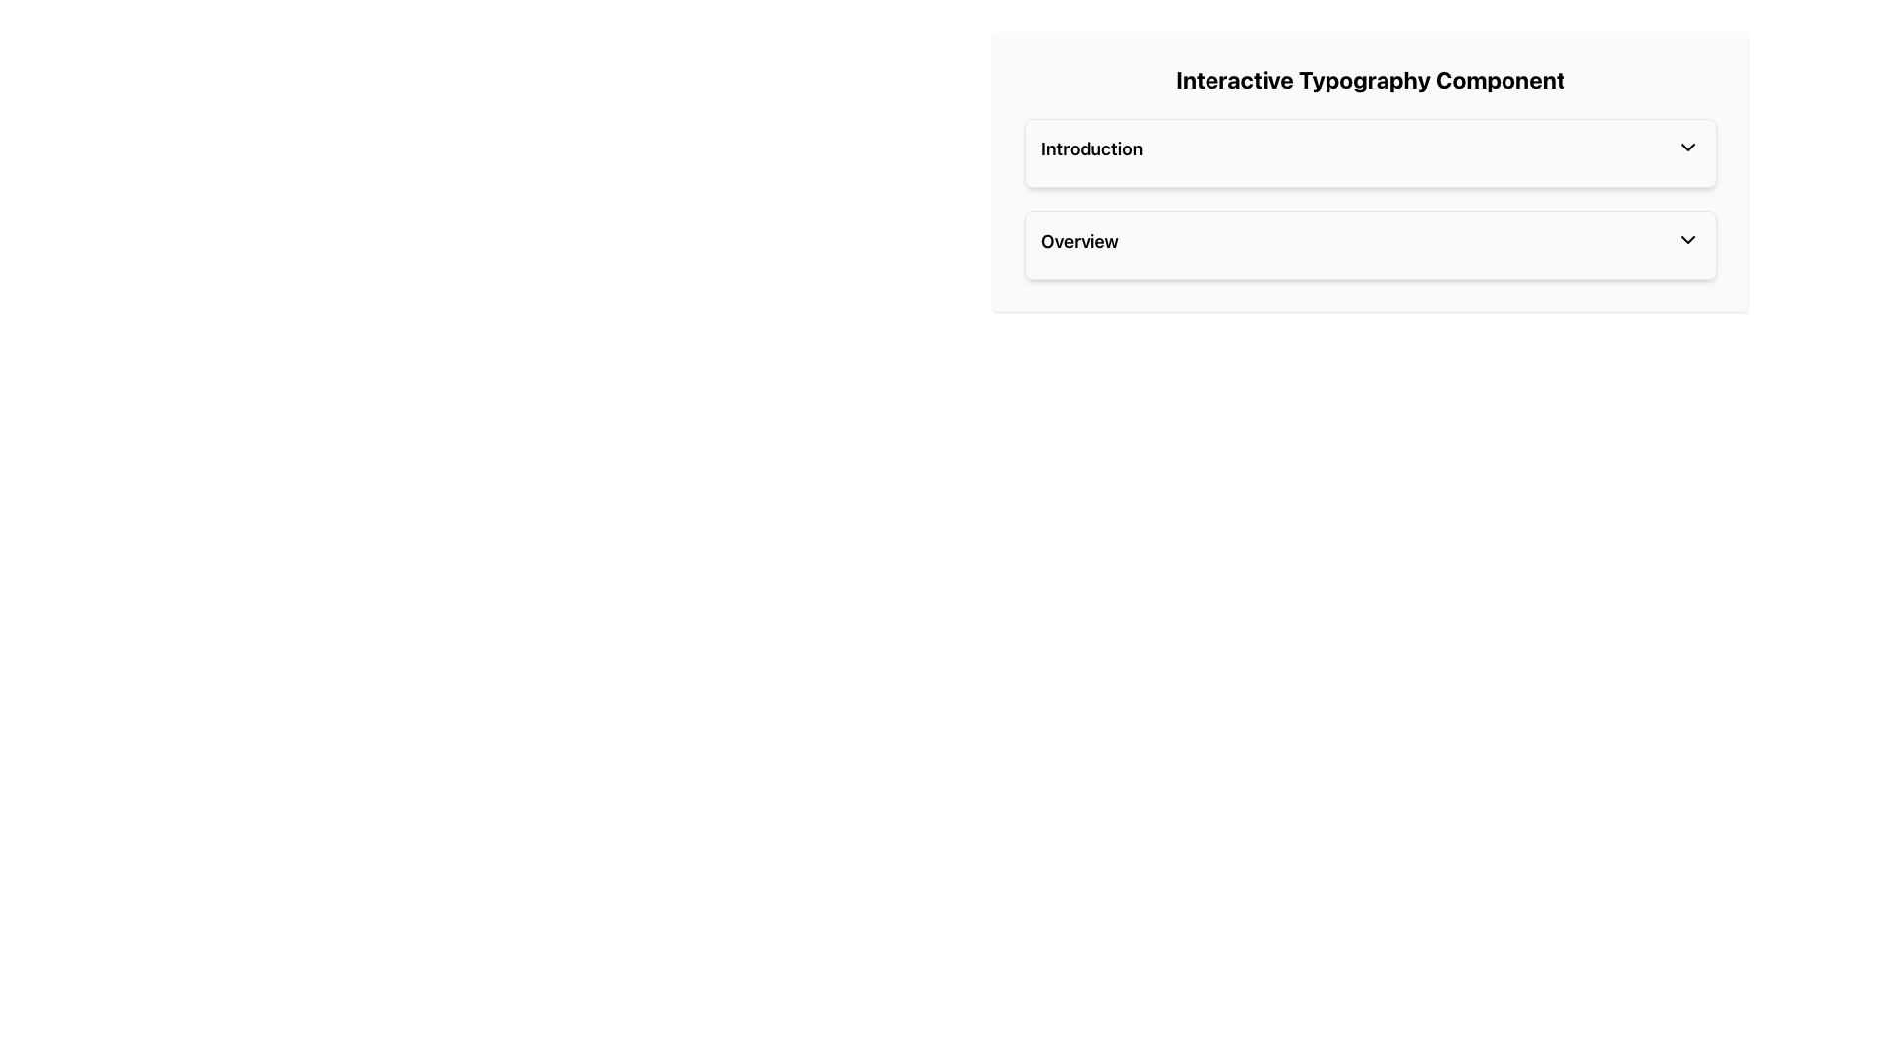 Image resolution: width=1888 pixels, height=1062 pixels. What do you see at coordinates (1369, 170) in the screenshot?
I see `the 'Interactive Typography Component' Collapsible Panel` at bounding box center [1369, 170].